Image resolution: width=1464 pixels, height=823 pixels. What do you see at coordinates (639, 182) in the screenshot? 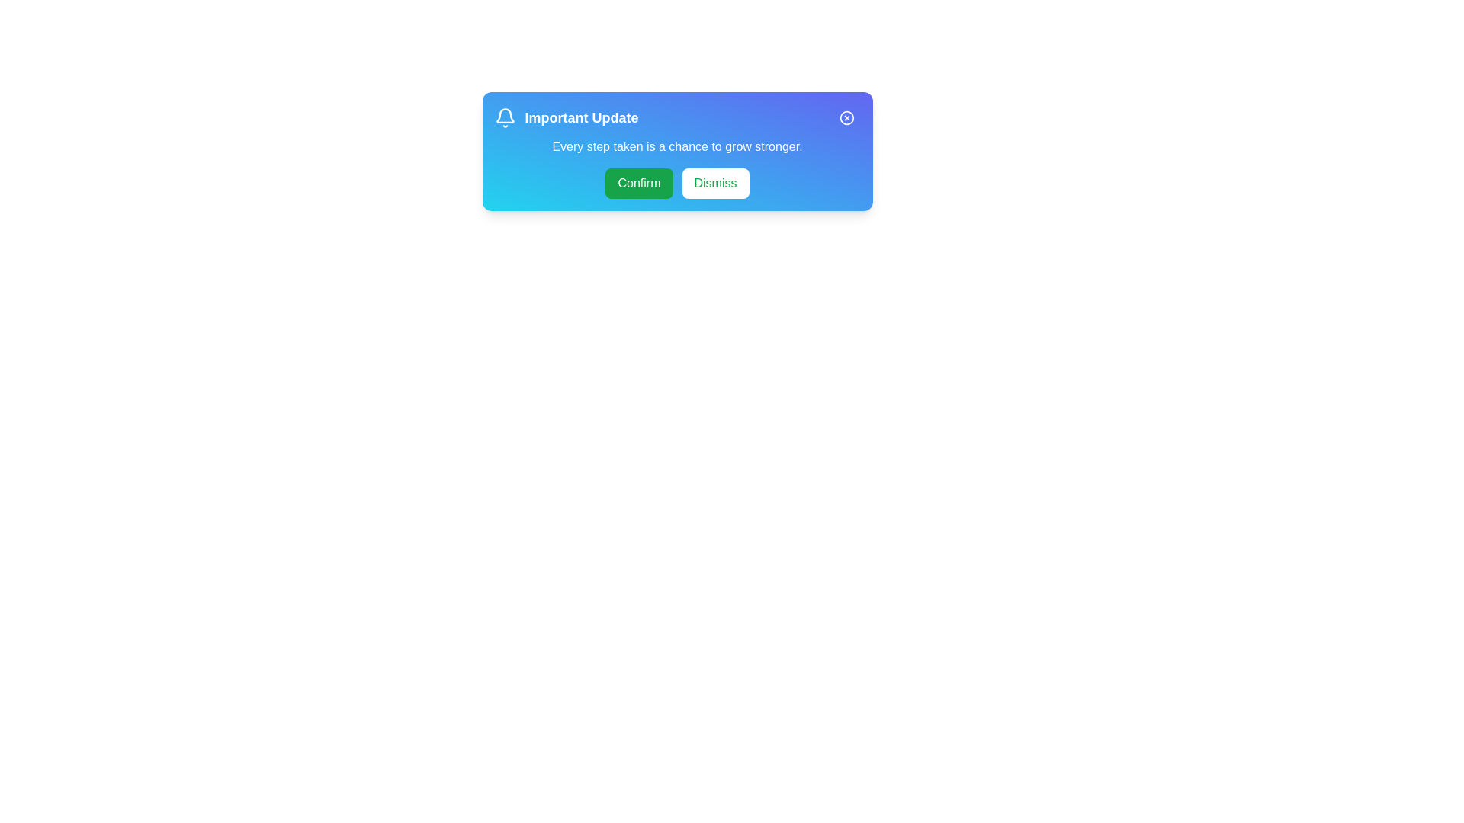
I see `Confirm button to confirm the update` at bounding box center [639, 182].